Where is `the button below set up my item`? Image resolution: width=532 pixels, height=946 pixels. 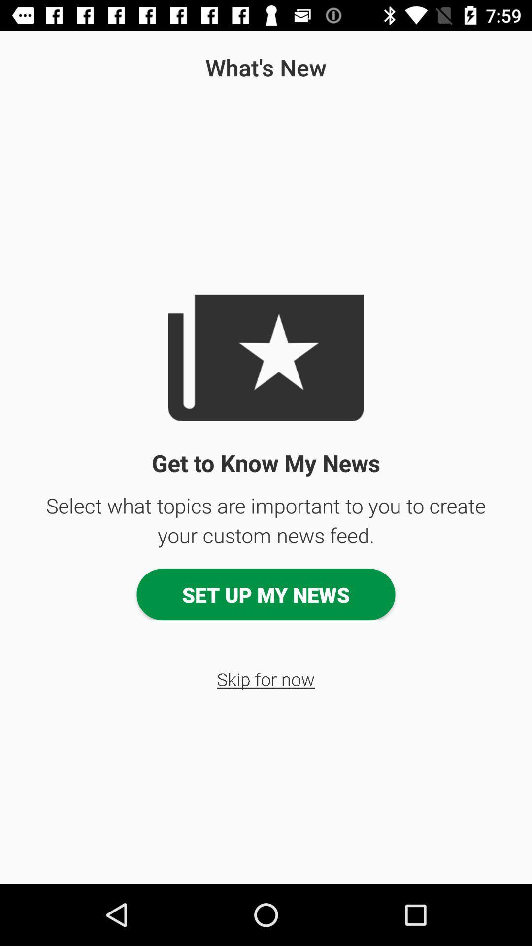 the button below set up my item is located at coordinates (265, 678).